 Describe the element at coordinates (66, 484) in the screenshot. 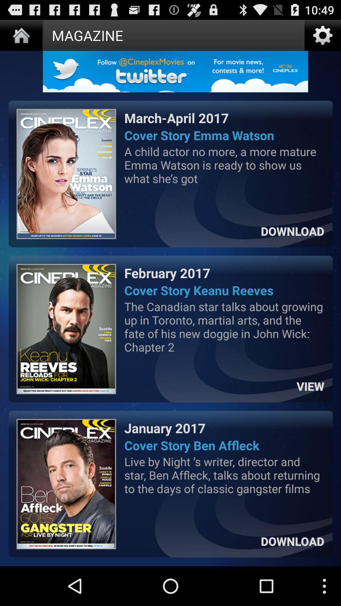

I see `the image on the bottom left side of the web page` at that location.